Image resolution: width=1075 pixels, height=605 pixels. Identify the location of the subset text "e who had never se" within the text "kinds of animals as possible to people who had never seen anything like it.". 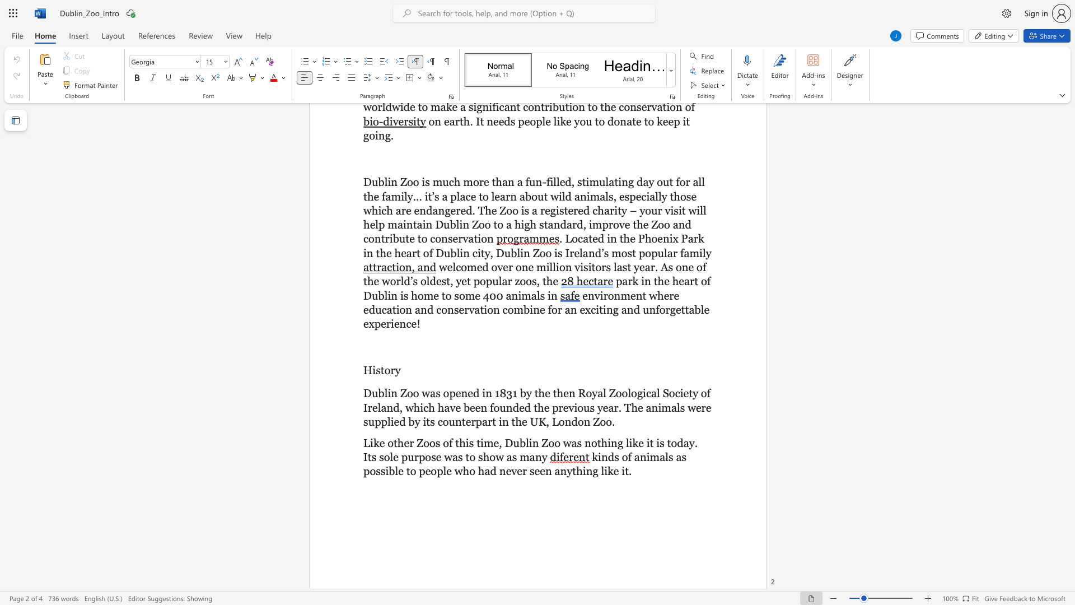
(446, 471).